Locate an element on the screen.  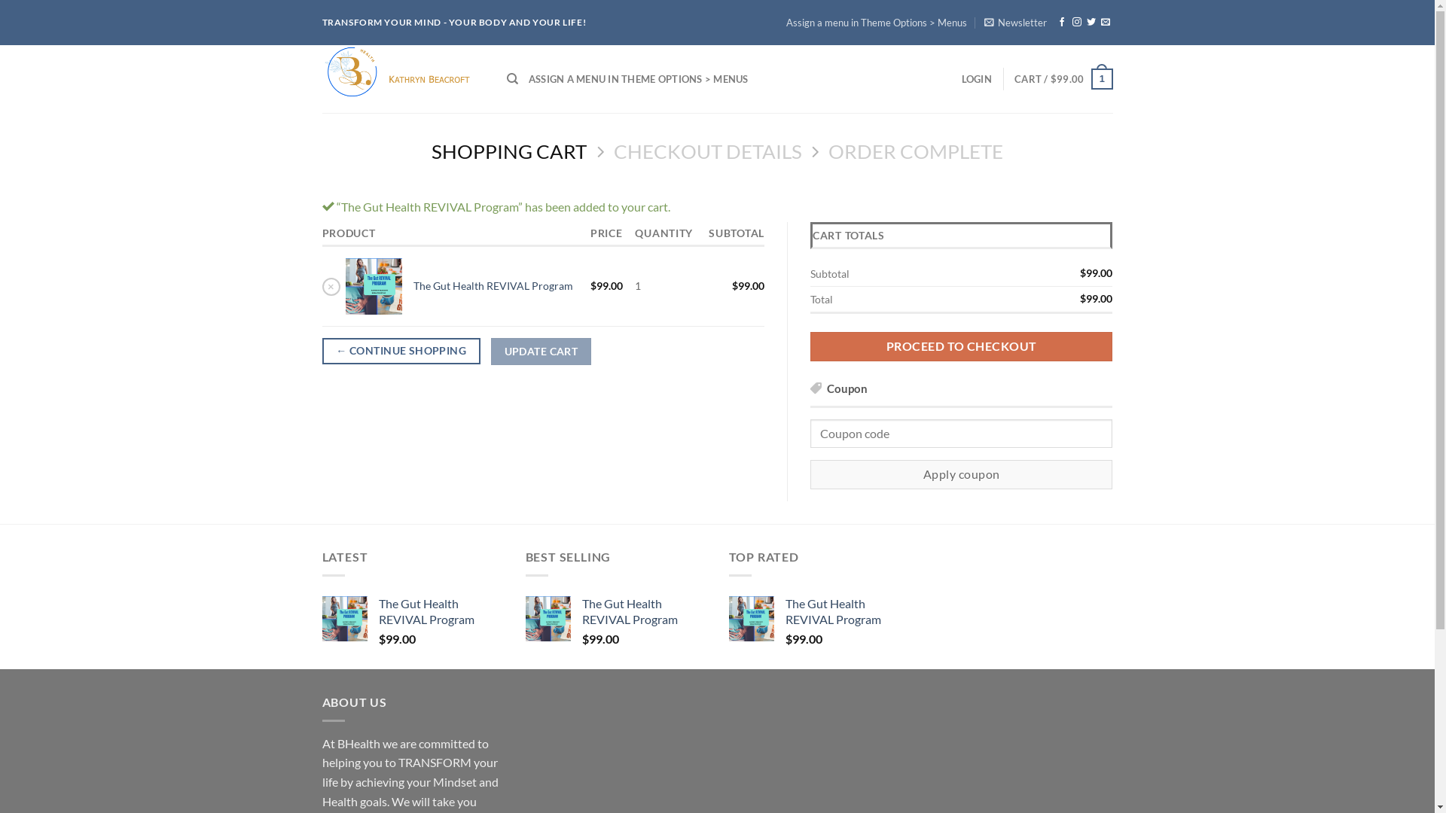
'BHealth Courses - BHealth Courses' is located at coordinates (403, 78).